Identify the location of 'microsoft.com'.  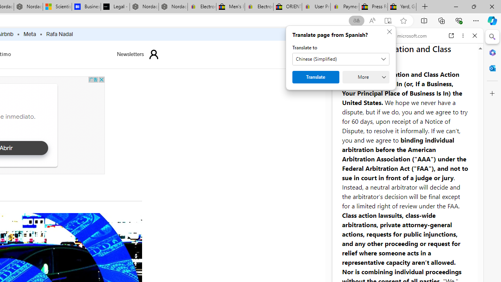
(409, 36).